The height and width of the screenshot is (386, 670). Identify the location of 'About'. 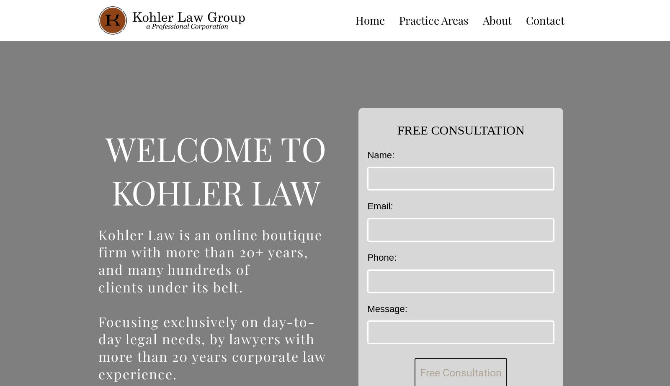
(497, 20).